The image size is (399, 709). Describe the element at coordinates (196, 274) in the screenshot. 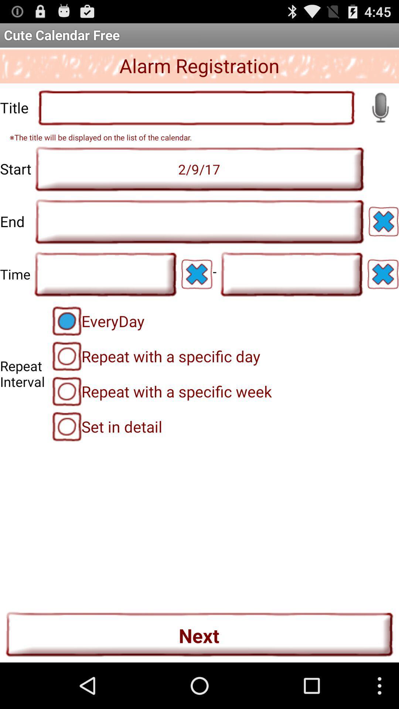

I see `remove time entry` at that location.